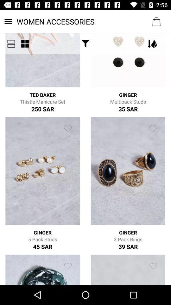 The width and height of the screenshot is (171, 305). What do you see at coordinates (24, 43) in the screenshot?
I see `item below women accessories item` at bounding box center [24, 43].